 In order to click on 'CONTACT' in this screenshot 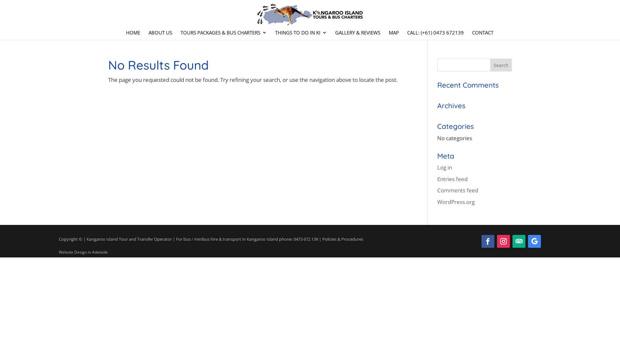, I will do `click(482, 35)`.